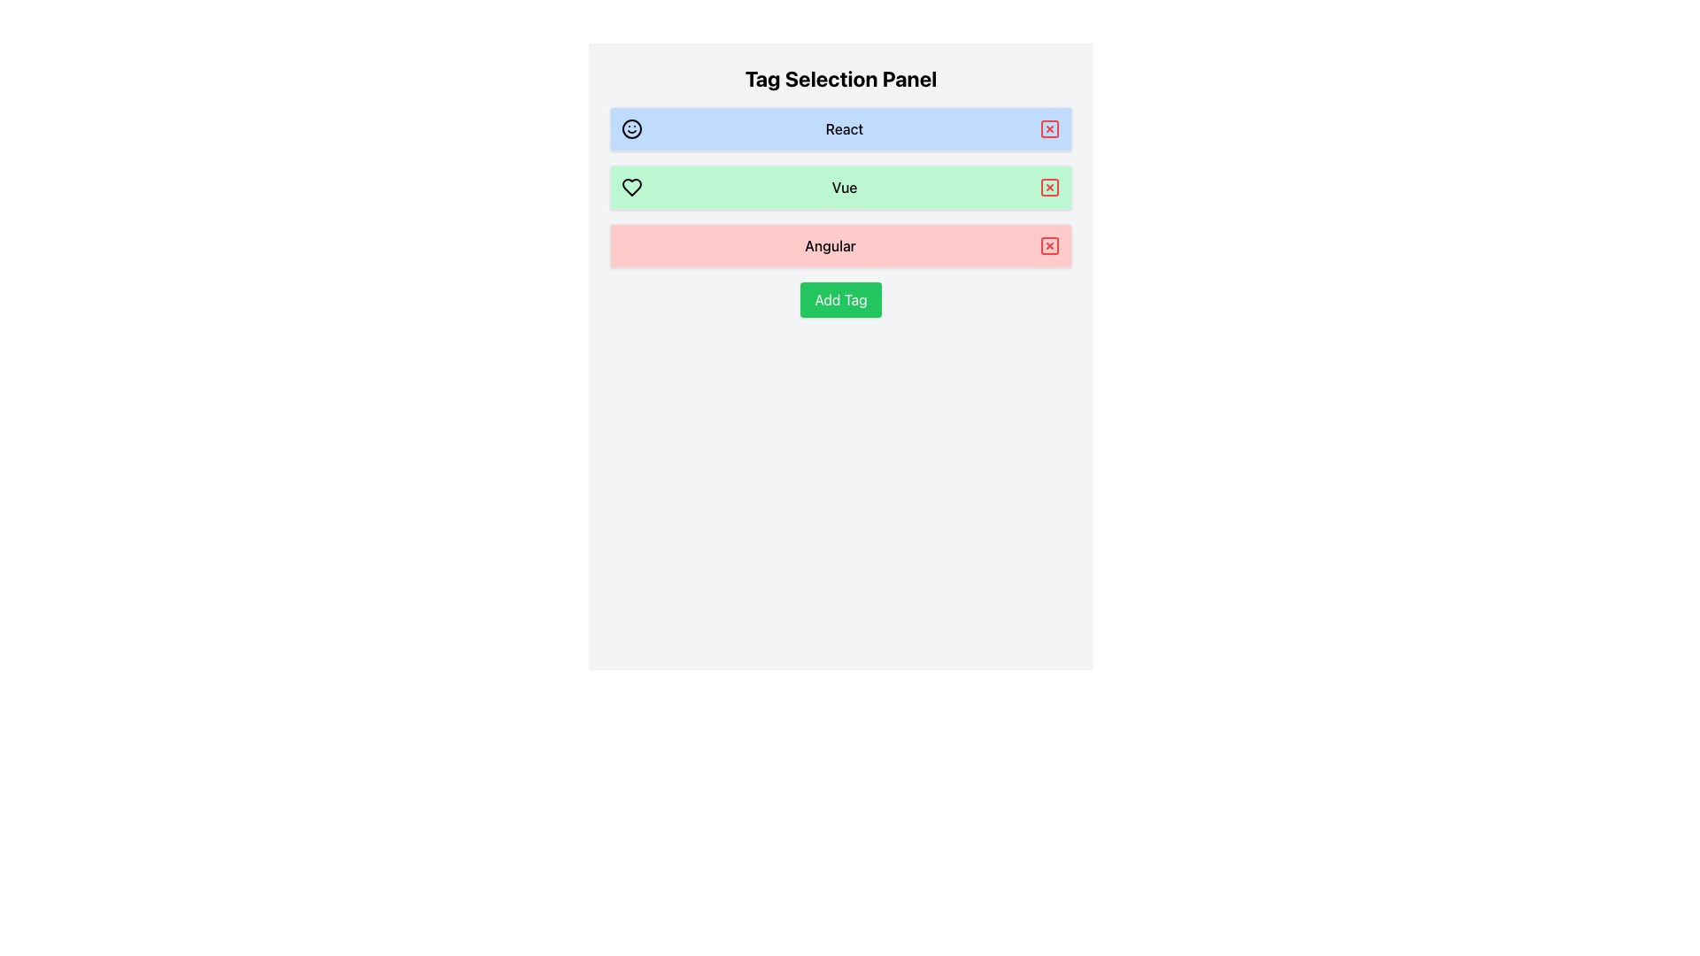 The image size is (1700, 956). Describe the element at coordinates (632, 128) in the screenshot. I see `the decorative 'React' icon located at the leftmost side of the blue tag labeled 'React' within the 'Tag Selection Panel'` at that location.